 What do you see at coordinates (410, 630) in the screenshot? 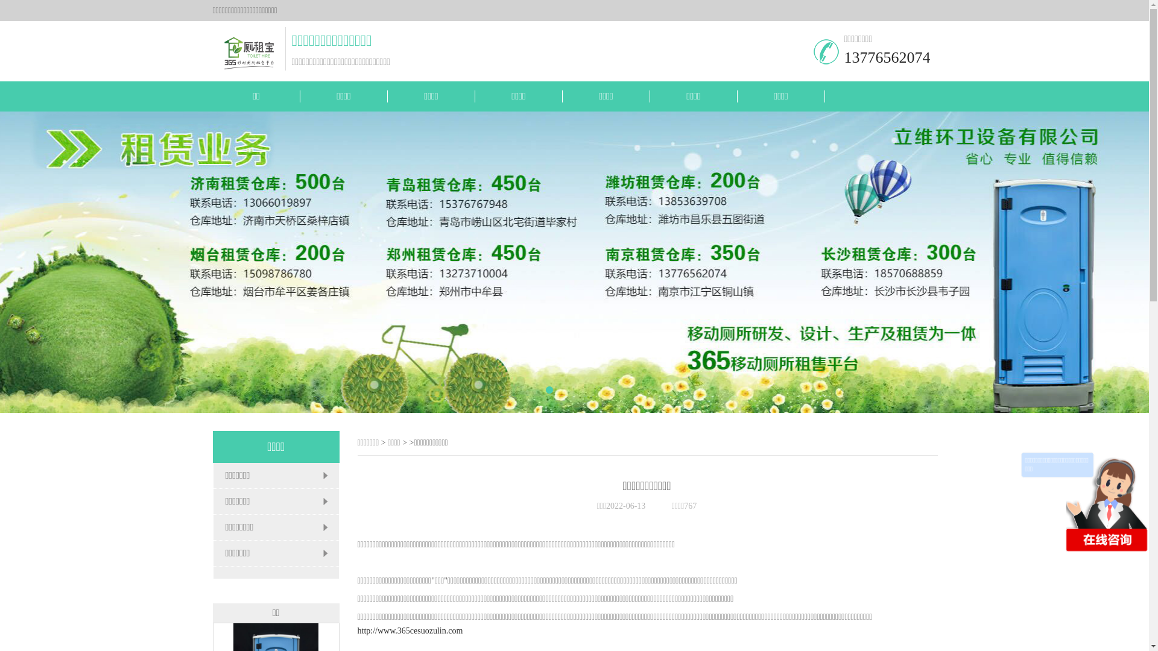
I see `'http://www.365cesuozulin.com'` at bounding box center [410, 630].